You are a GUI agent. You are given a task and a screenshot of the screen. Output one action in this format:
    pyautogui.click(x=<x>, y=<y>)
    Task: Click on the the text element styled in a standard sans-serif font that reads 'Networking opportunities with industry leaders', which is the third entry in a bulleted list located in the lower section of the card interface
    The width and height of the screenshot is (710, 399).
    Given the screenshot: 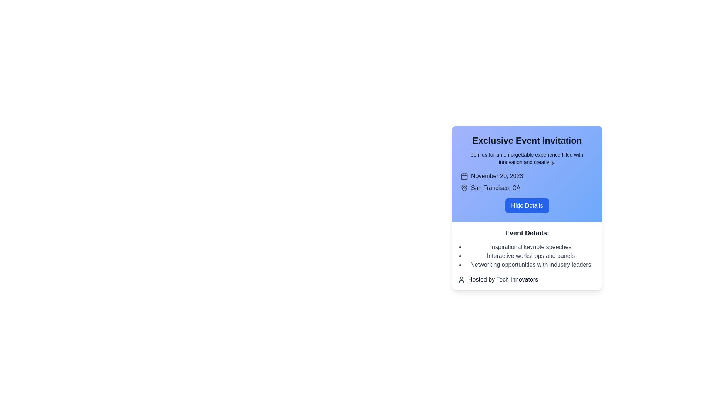 What is the action you would take?
    pyautogui.click(x=530, y=265)
    